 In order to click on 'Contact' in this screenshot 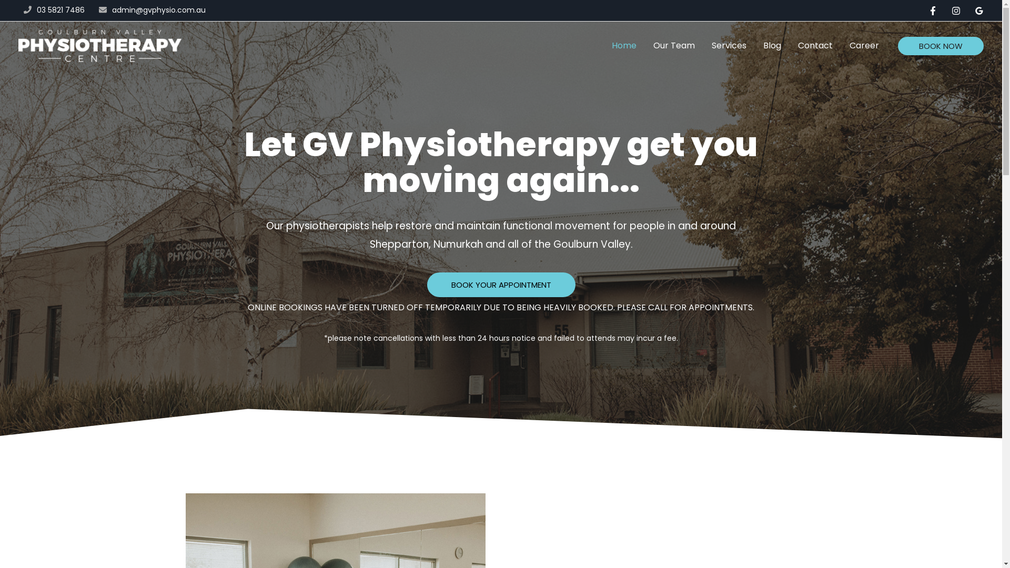, I will do `click(815, 45)`.